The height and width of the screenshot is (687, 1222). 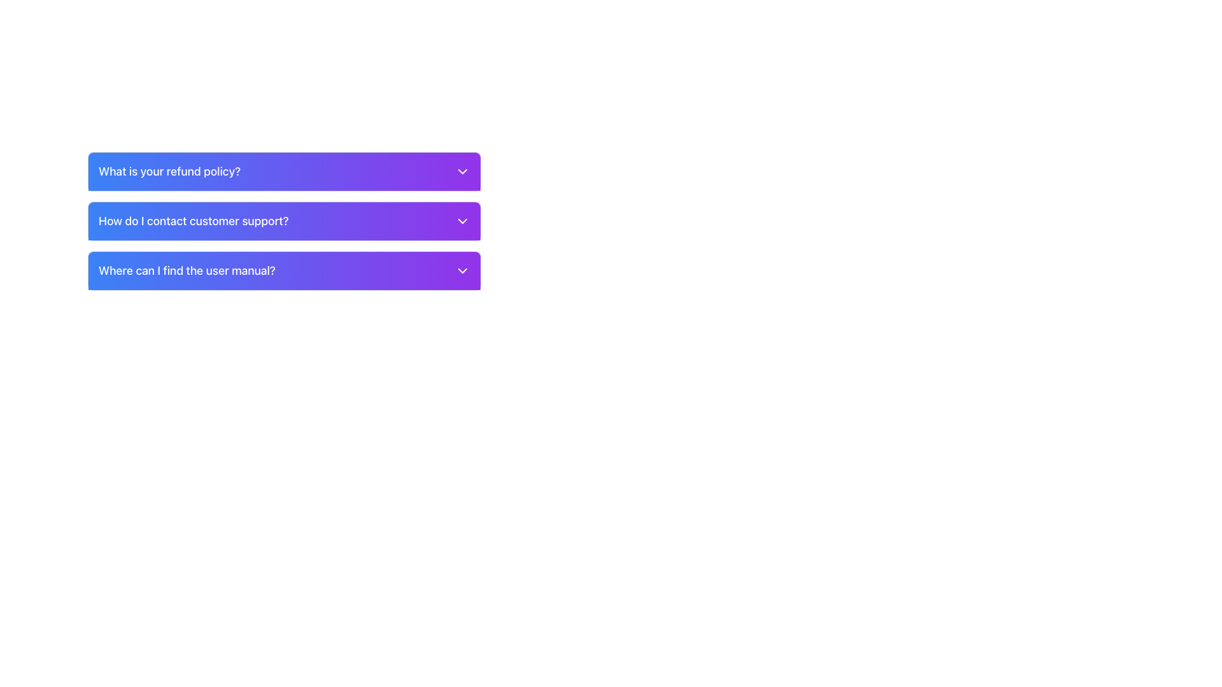 I want to click on the Chevron Down icon located at the rightmost segment of the button labeled 'What is your refund policy?', so click(x=461, y=172).